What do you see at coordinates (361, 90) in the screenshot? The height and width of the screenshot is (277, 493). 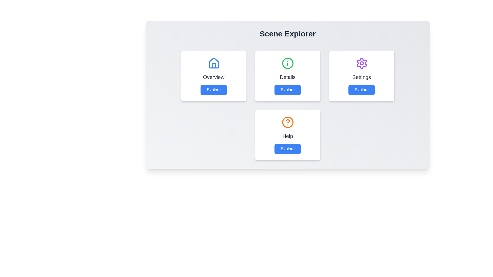 I see `the 'Settings' button located in the third card from the left in the top row of the grid layout` at bounding box center [361, 90].